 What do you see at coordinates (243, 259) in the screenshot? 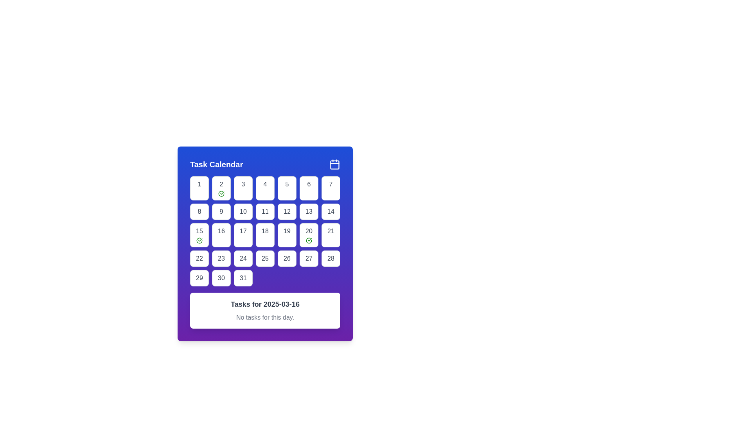
I see `the date '24' displayed in a white box with rounded corners in the sixth row and fourth column of the calendar grid` at bounding box center [243, 259].